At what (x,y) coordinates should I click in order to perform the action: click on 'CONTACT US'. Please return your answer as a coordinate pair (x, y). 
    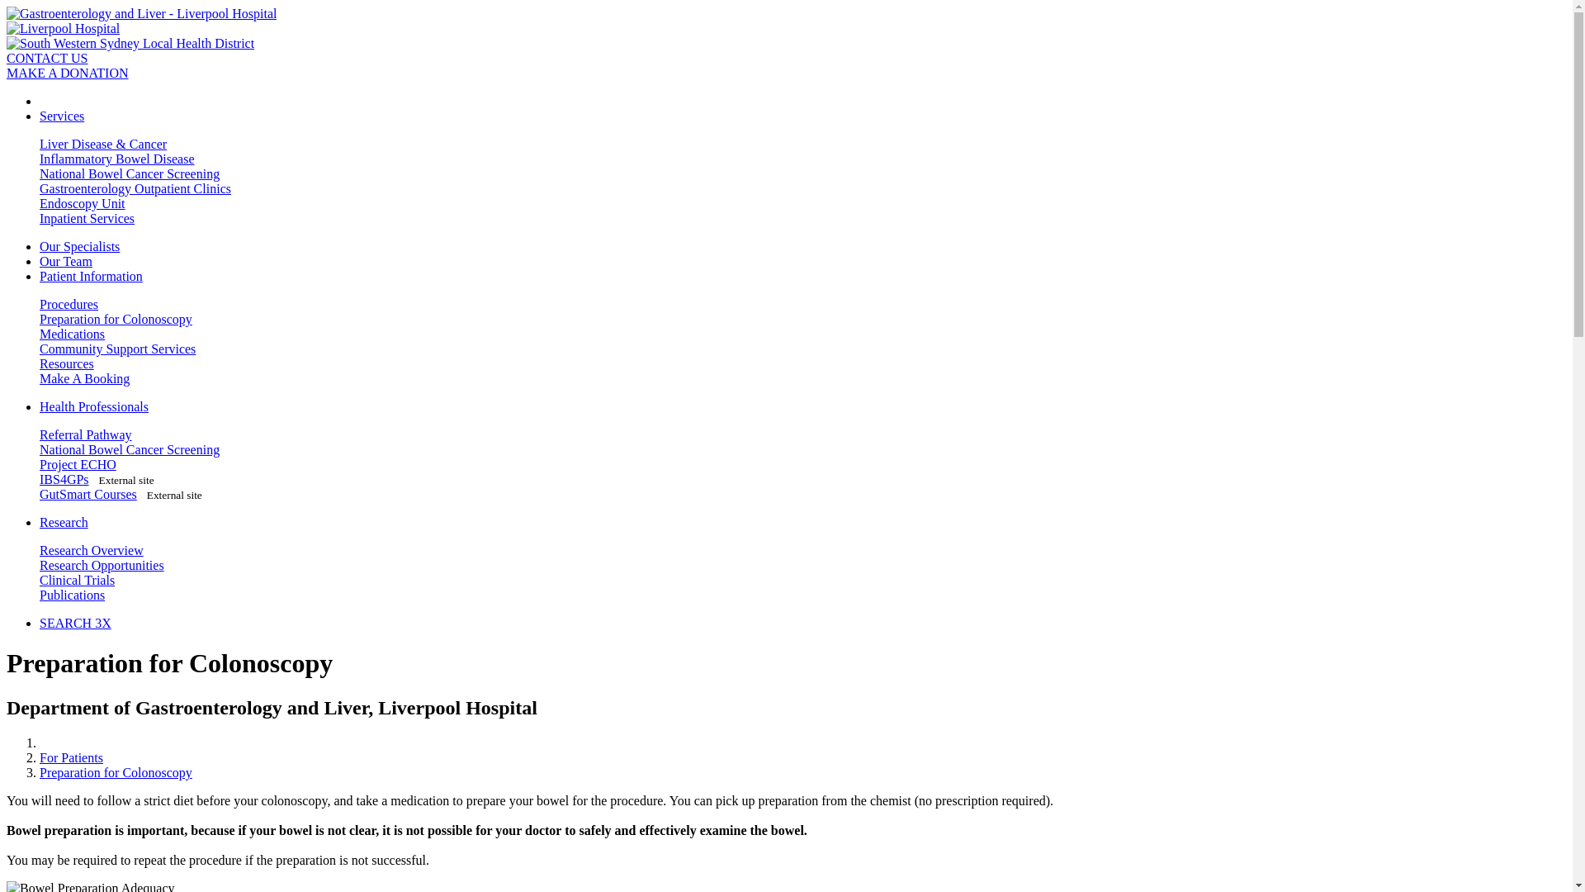
    Looking at the image, I should click on (47, 57).